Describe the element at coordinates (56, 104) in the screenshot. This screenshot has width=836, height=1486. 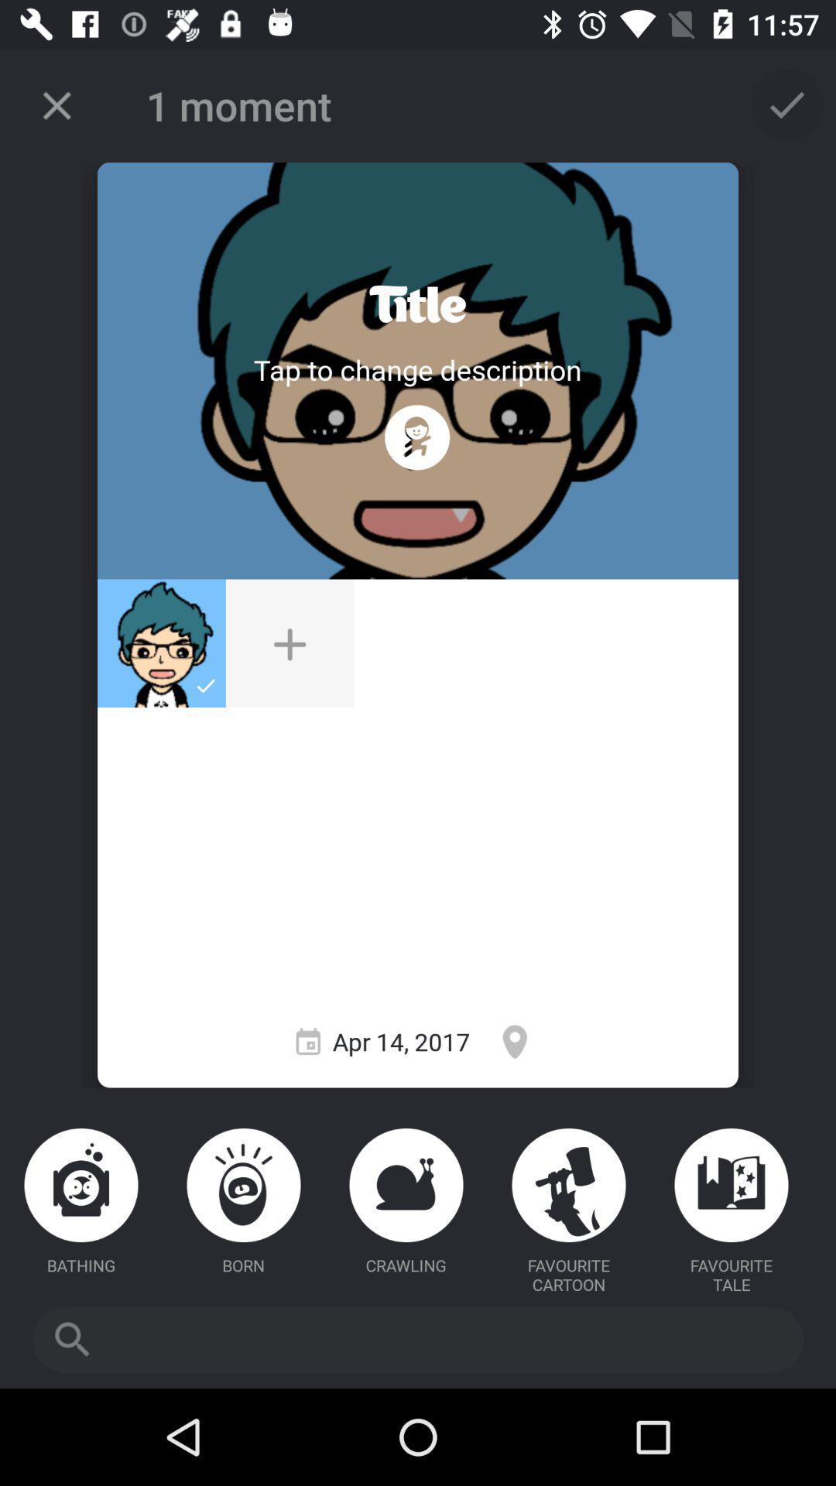
I see `close` at that location.